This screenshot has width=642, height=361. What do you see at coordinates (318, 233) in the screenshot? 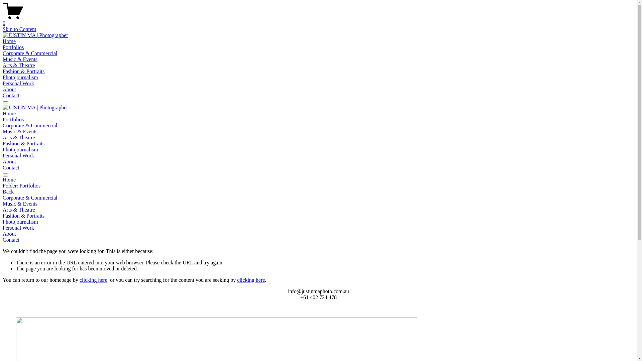
I see `'About'` at bounding box center [318, 233].